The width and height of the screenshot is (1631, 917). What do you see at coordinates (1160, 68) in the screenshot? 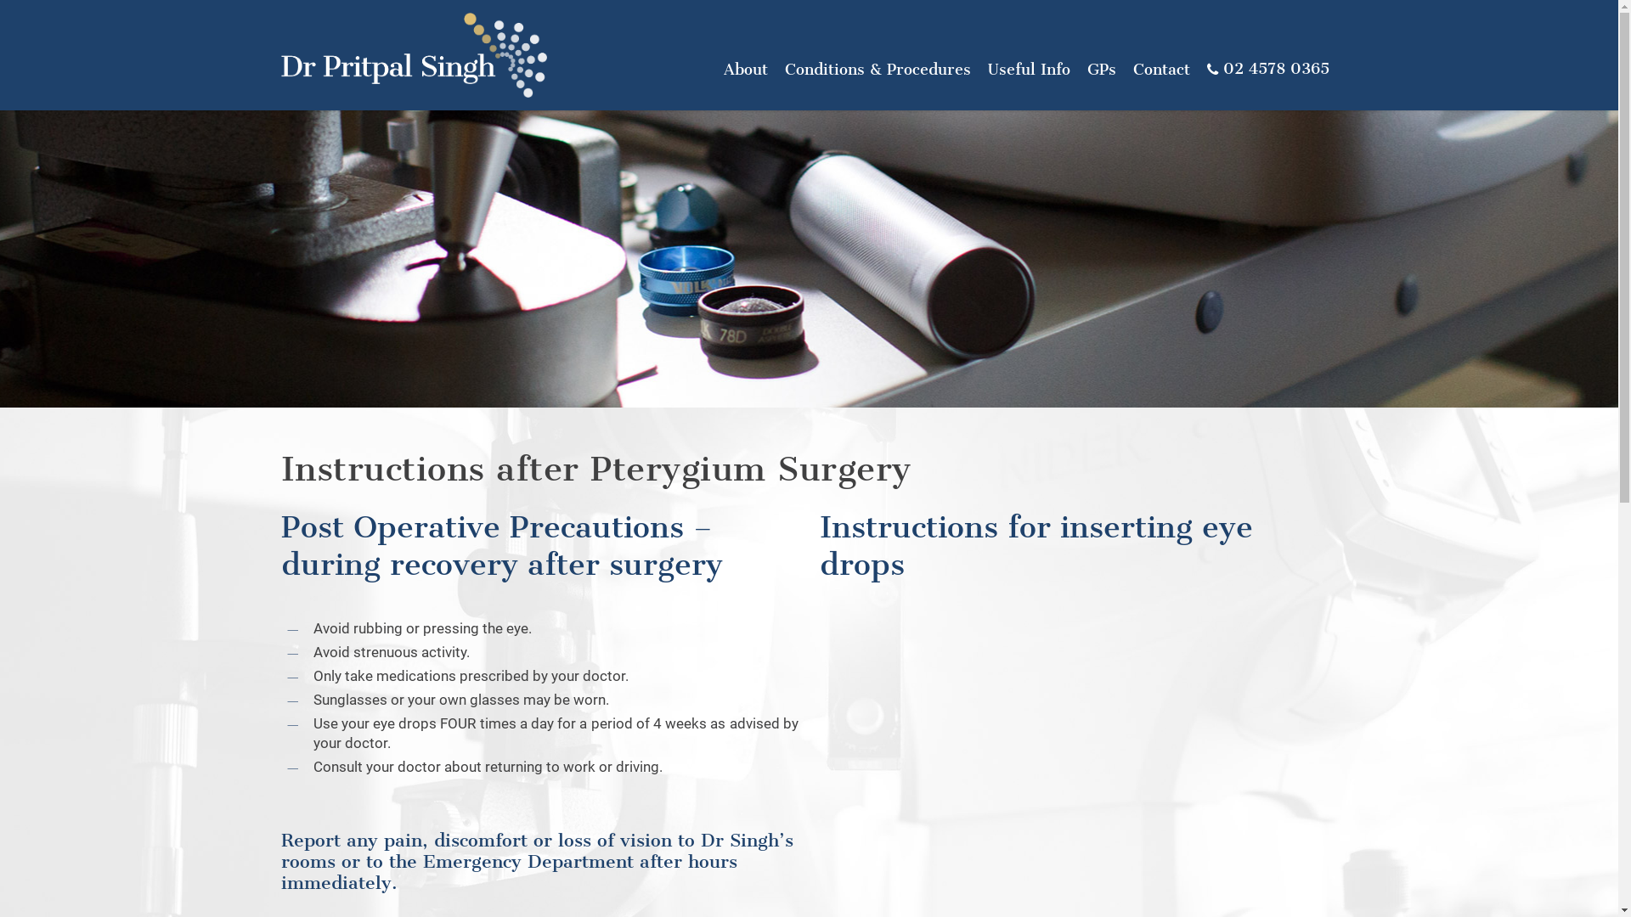
I see `'Contact'` at bounding box center [1160, 68].